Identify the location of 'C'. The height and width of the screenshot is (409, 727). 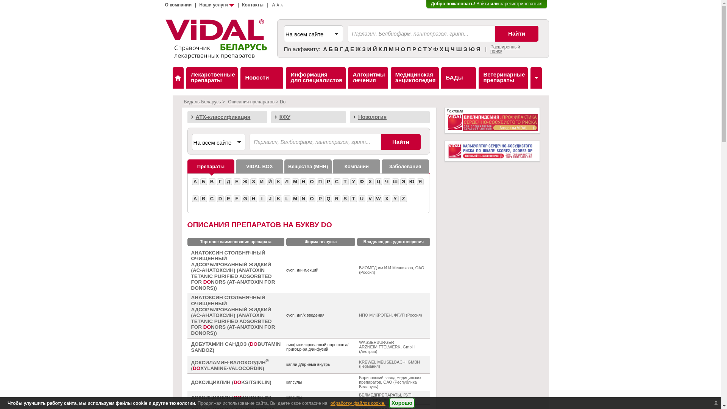
(211, 198).